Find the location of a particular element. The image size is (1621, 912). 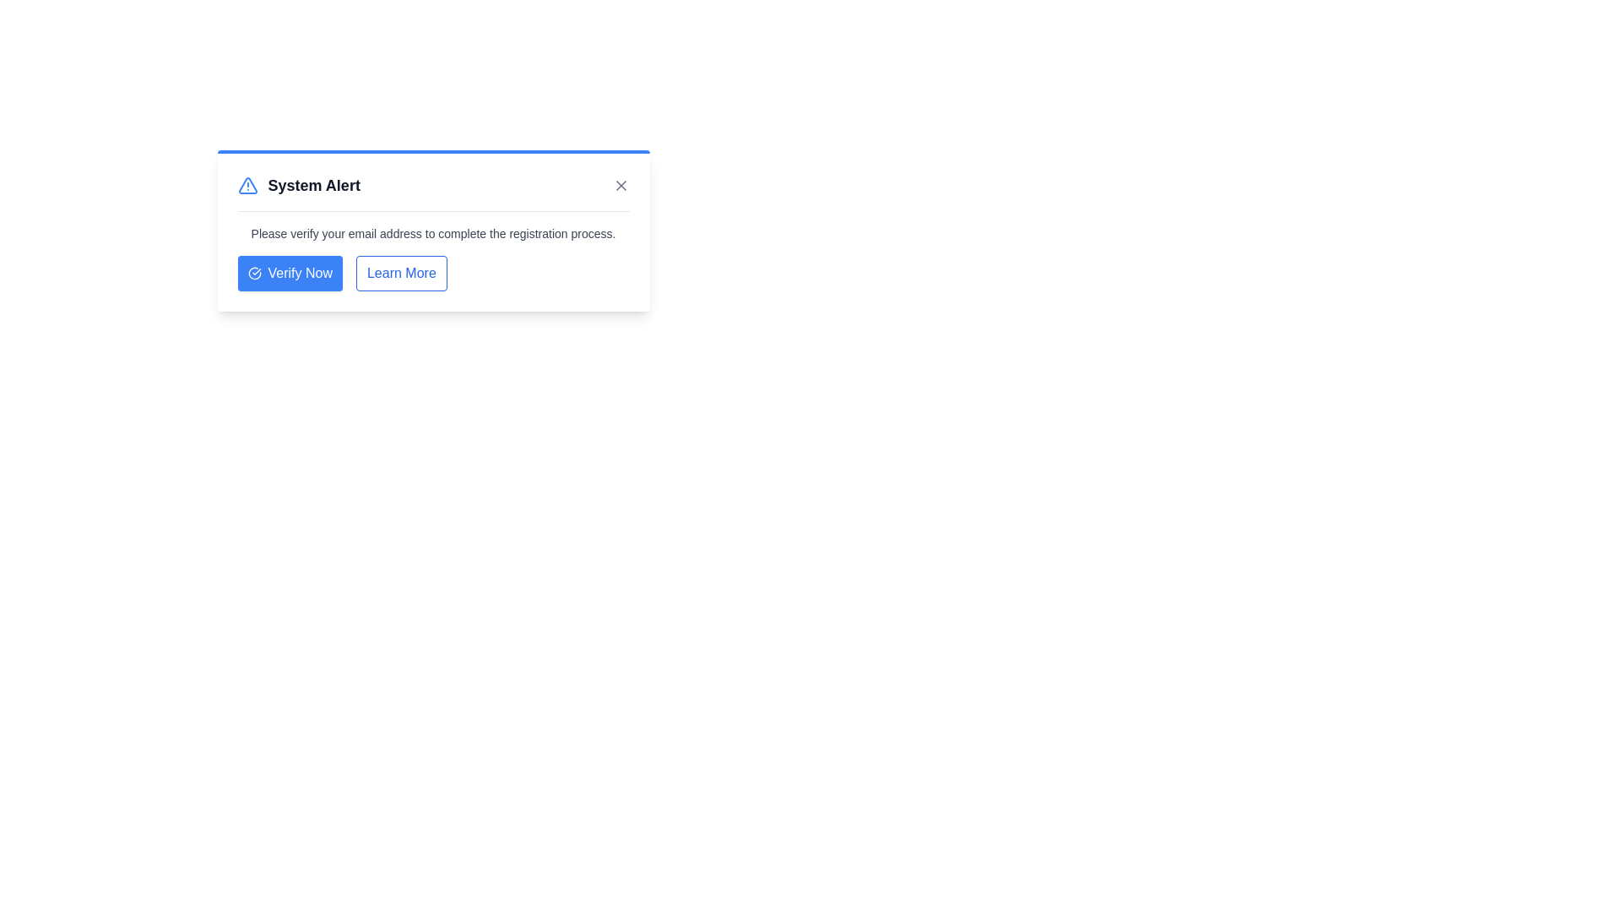

'Verify Now' button to verify the email is located at coordinates (290, 273).